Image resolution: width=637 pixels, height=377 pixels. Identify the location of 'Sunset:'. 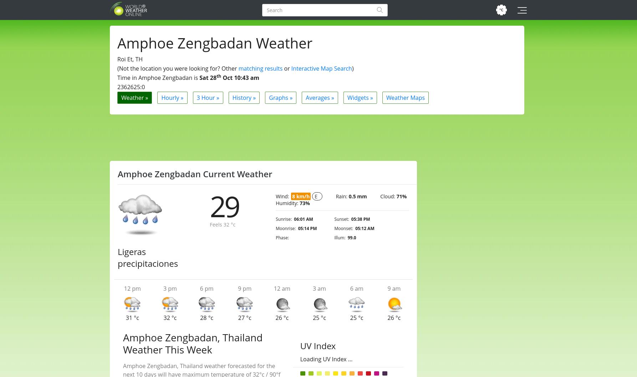
(342, 219).